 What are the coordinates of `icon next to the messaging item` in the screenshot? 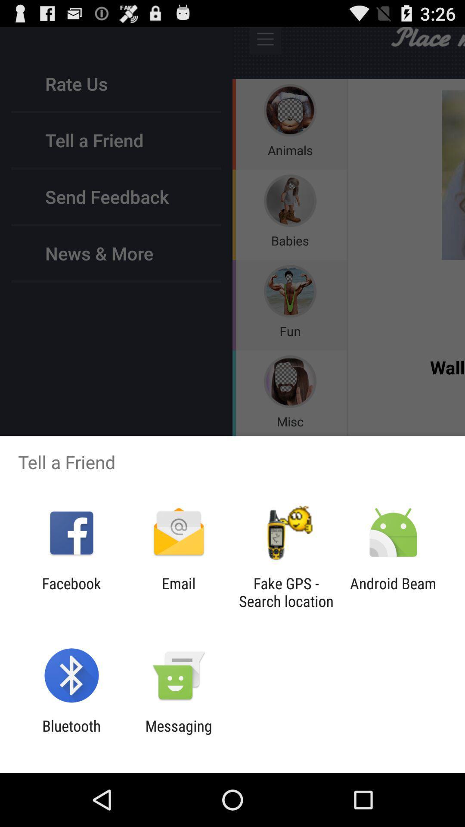 It's located at (71, 734).